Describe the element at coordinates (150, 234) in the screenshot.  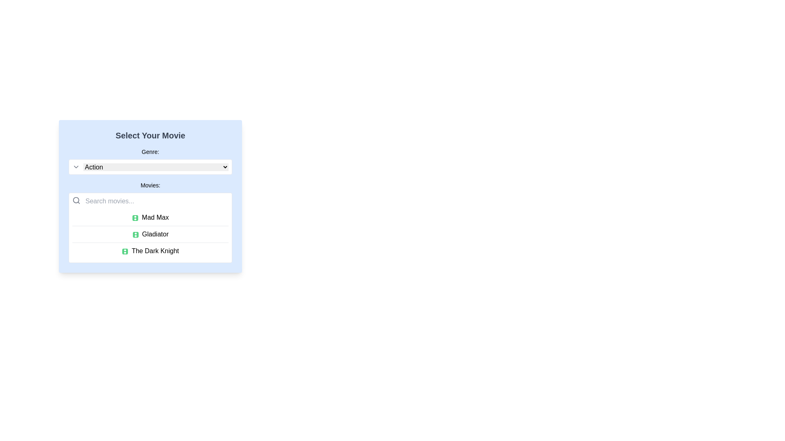
I see `the title in the list section containing three items ('Mad Max,' 'Gladiator,' 'The Dark Knight') with a distinctive green film icon for options` at that location.